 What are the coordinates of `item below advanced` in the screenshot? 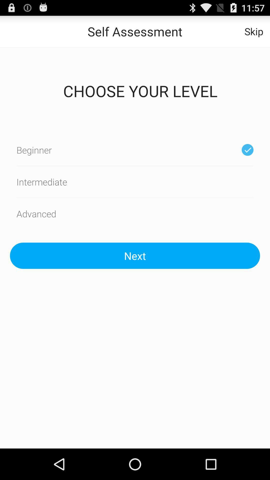 It's located at (135, 255).